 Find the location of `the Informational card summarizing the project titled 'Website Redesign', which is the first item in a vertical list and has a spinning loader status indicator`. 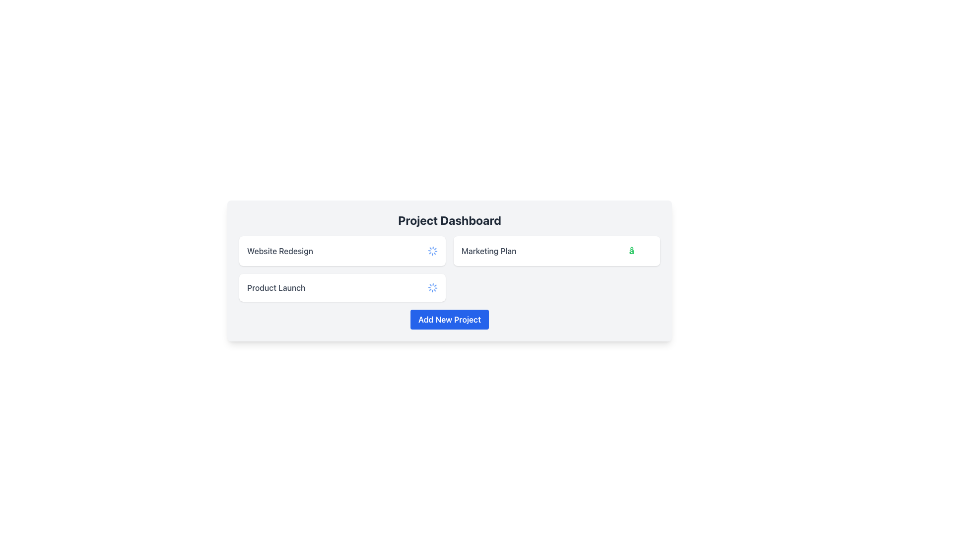

the Informational card summarizing the project titled 'Website Redesign', which is the first item in a vertical list and has a spinning loader status indicator is located at coordinates (342, 250).